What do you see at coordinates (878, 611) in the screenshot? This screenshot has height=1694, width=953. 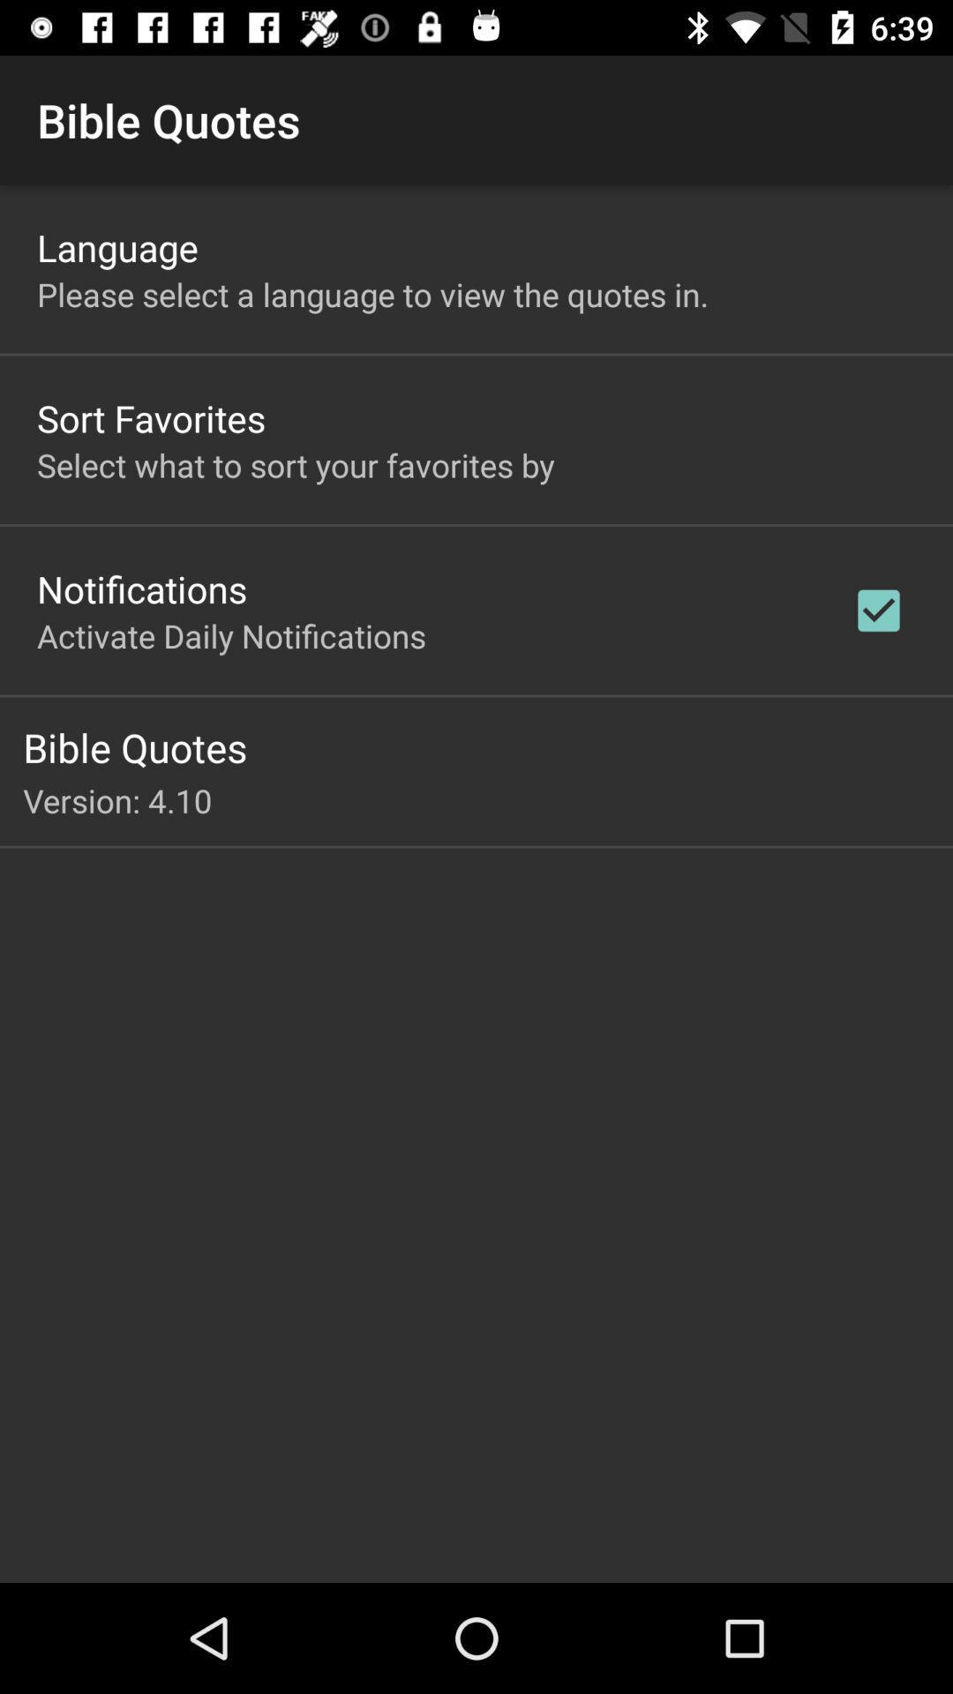 I see `the item next to activate daily notifications icon` at bounding box center [878, 611].